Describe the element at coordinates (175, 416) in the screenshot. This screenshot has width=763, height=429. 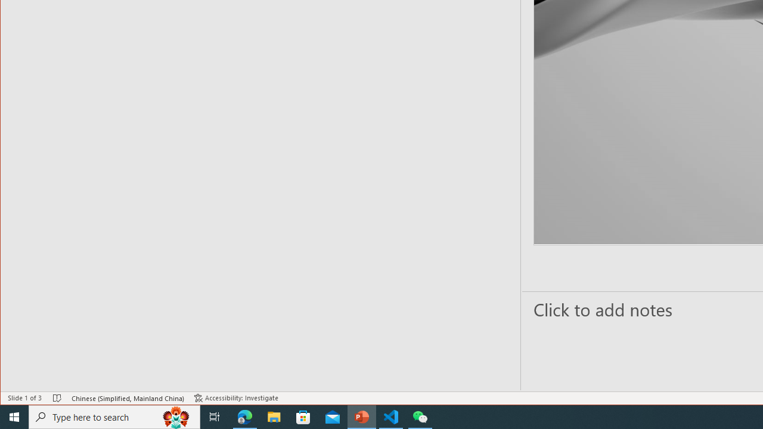
I see `'Search highlights icon opens search home window'` at that location.